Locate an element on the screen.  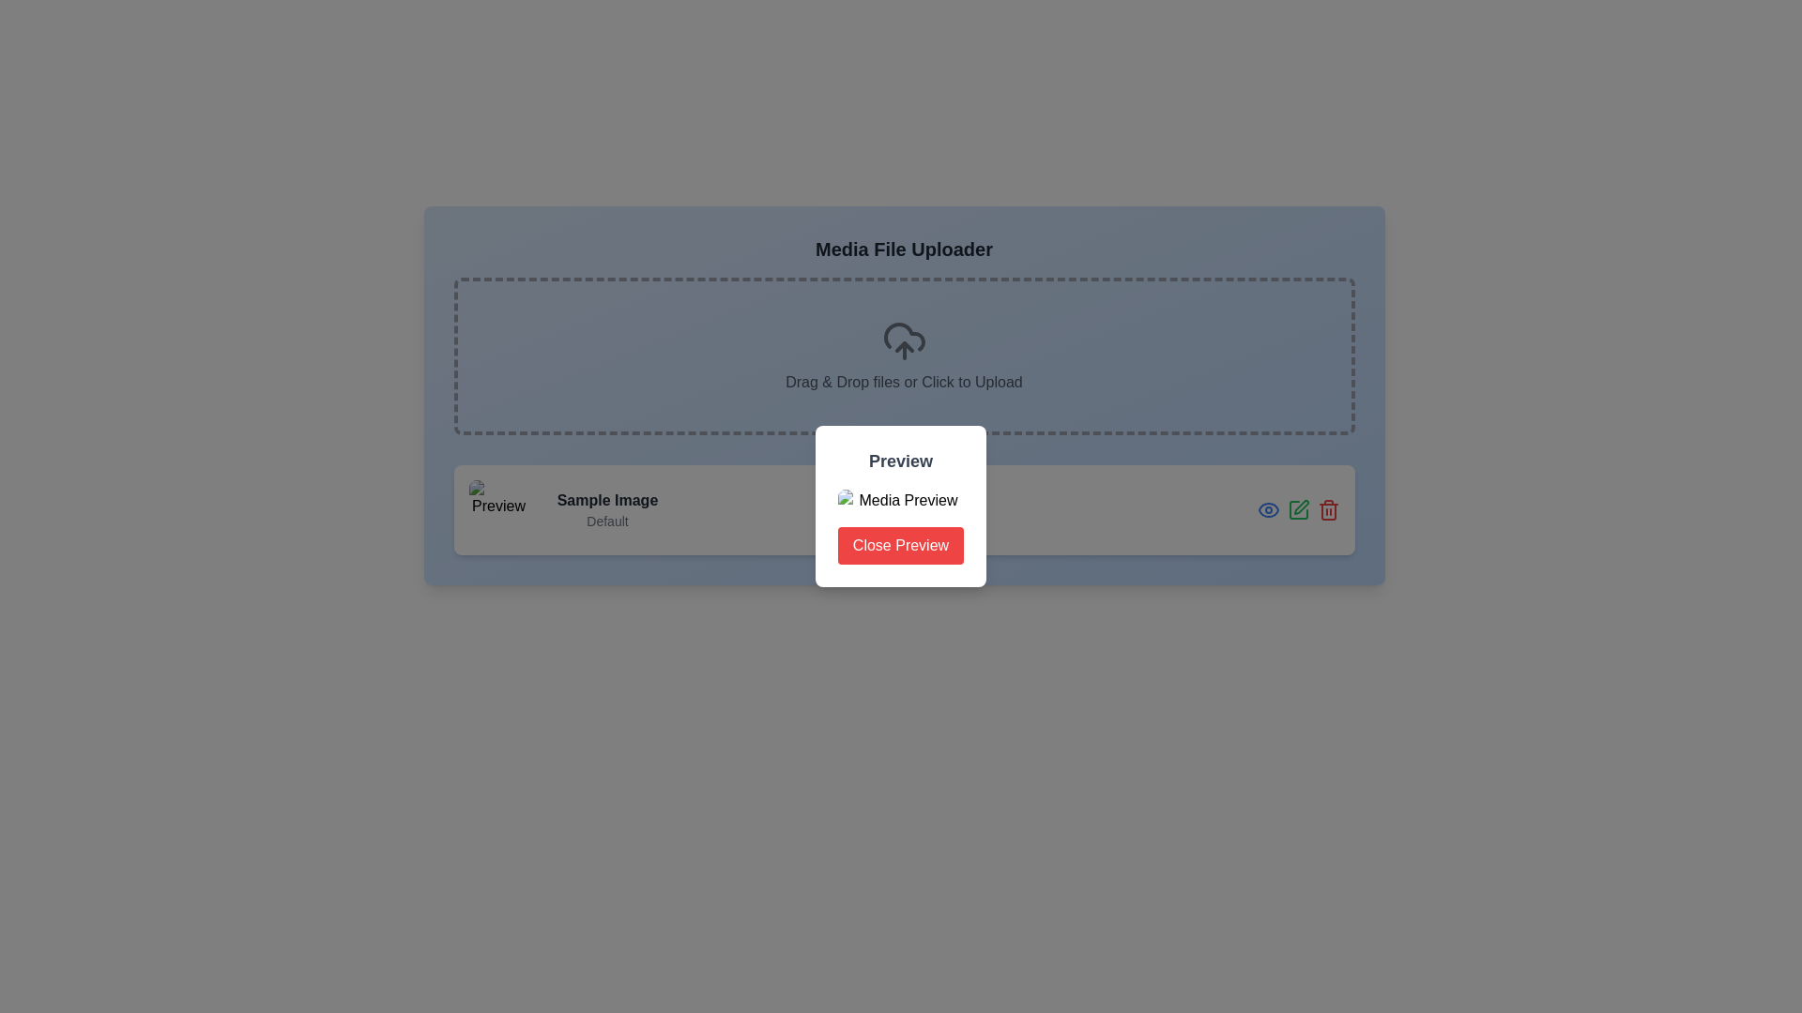
files and drop them into the Drop zone with a dashed border and cloud upload icon, which is centrally positioned below the title 'Media File Uploader' is located at coordinates (904, 356).